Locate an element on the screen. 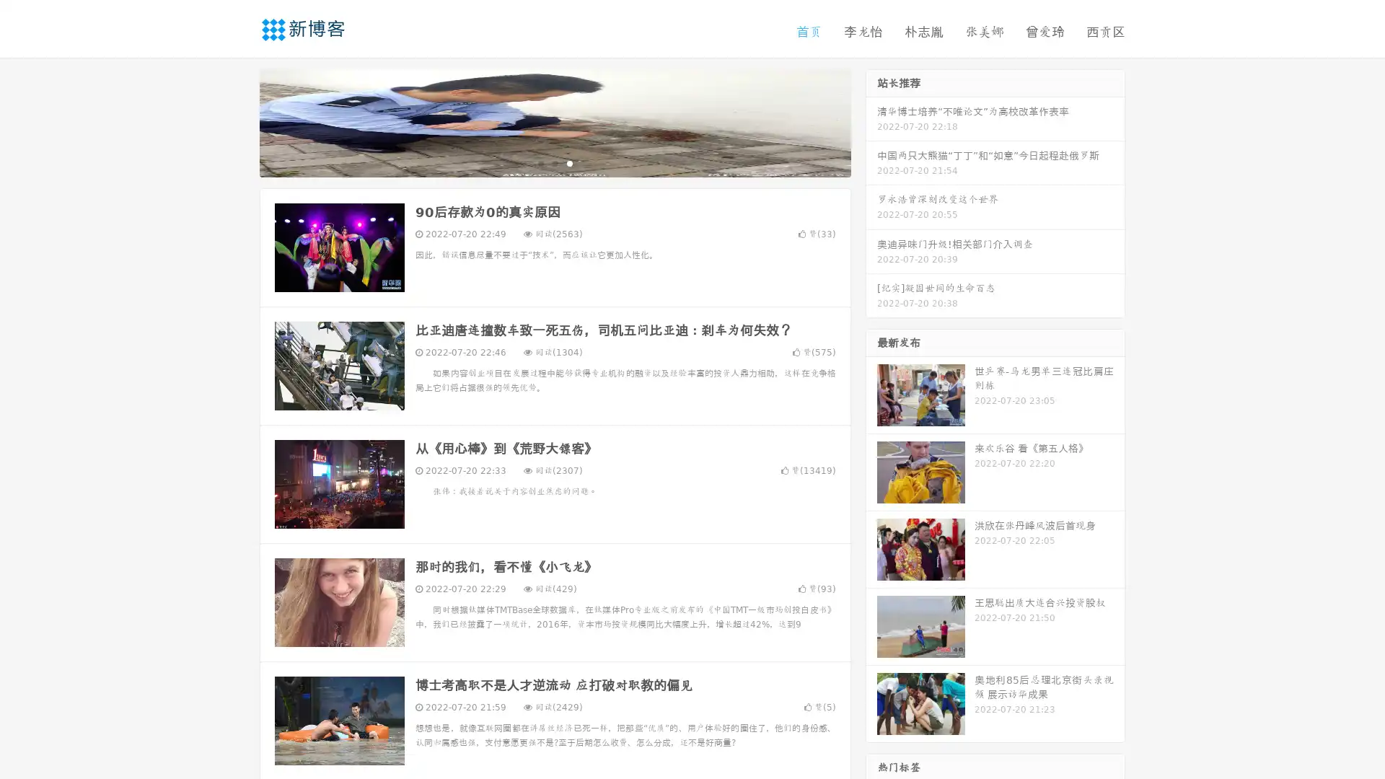 This screenshot has height=779, width=1385. Previous slide is located at coordinates (238, 121).